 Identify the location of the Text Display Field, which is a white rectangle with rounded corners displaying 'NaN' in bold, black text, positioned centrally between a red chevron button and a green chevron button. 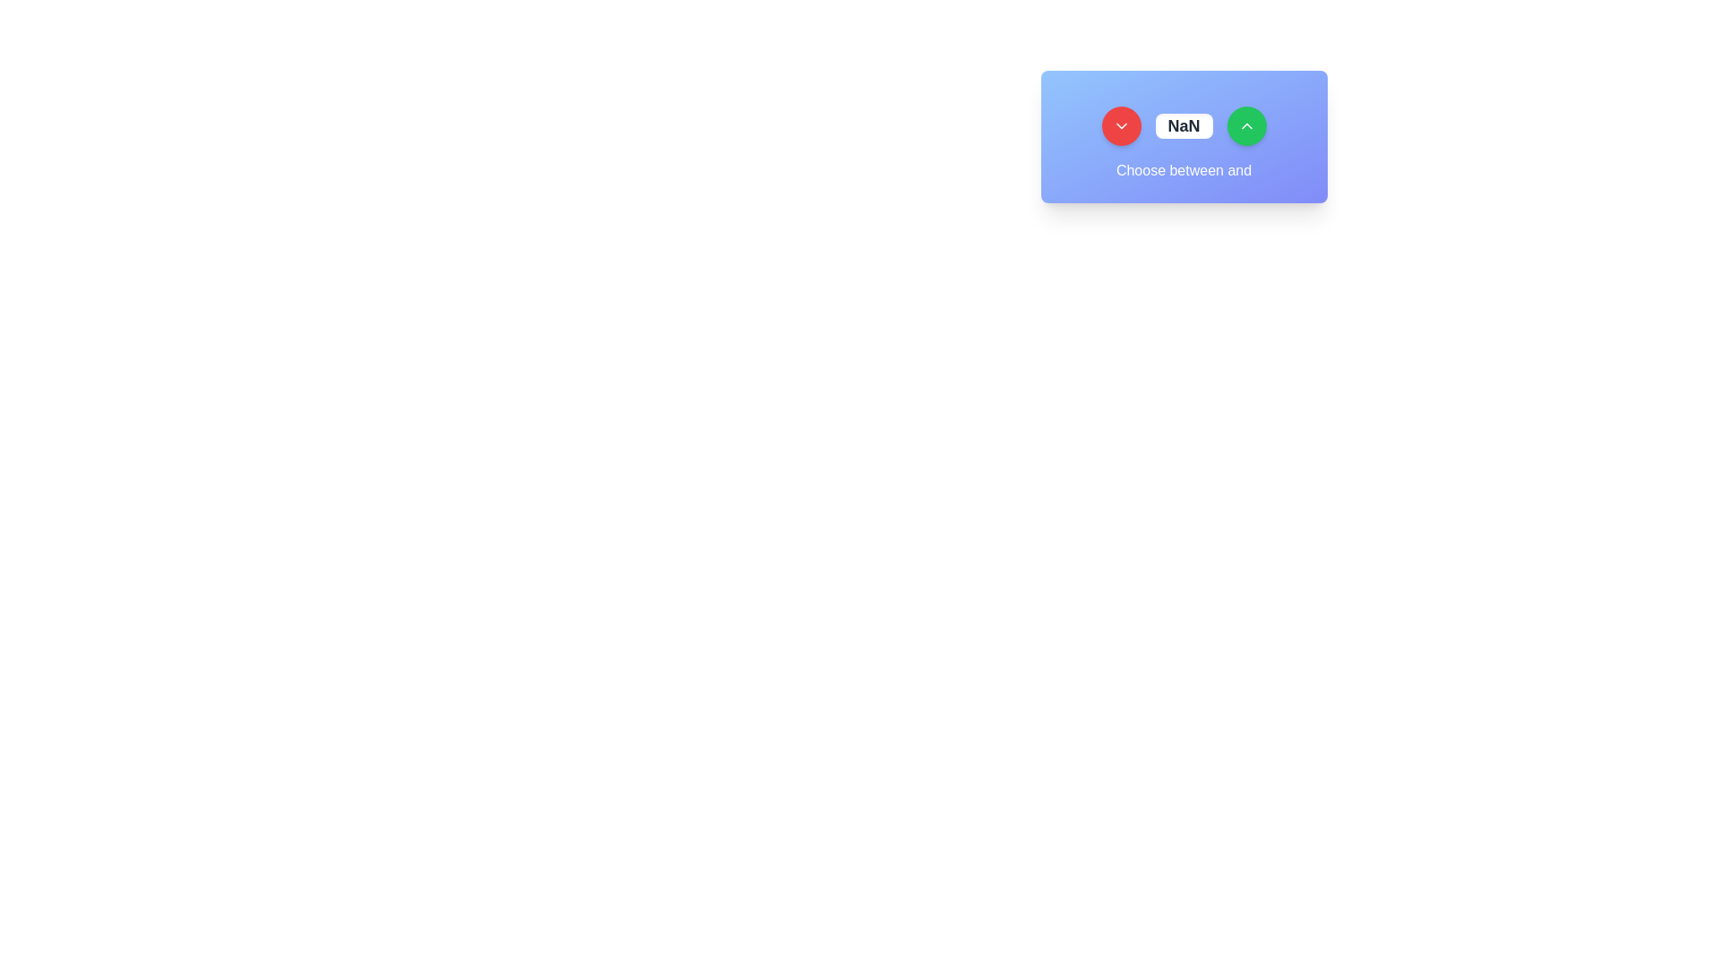
(1184, 125).